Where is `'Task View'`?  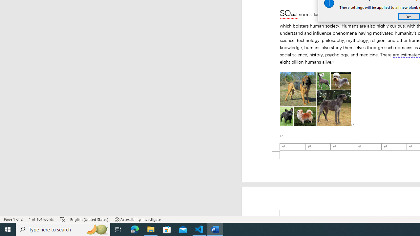 'Task View' is located at coordinates (118, 229).